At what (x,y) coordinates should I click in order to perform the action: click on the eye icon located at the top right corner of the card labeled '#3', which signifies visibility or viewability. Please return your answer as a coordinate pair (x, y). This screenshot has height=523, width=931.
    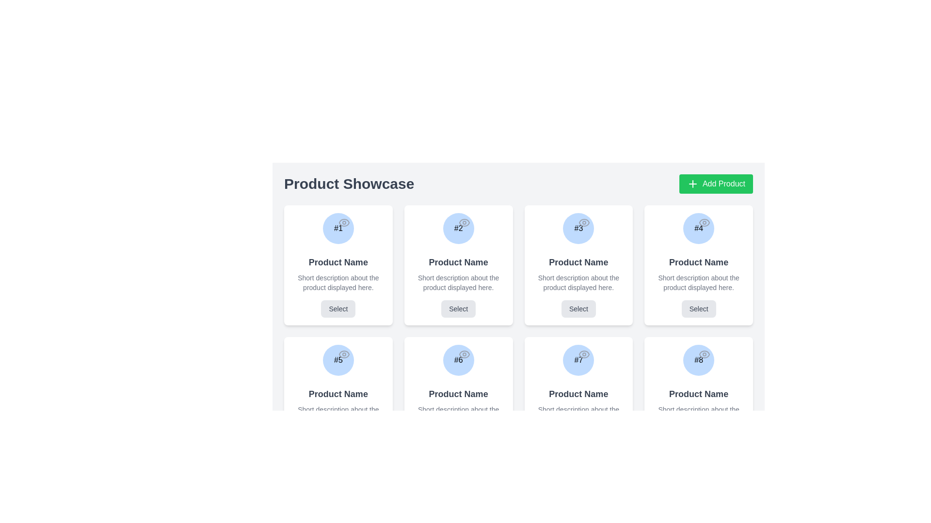
    Looking at the image, I should click on (584, 222).